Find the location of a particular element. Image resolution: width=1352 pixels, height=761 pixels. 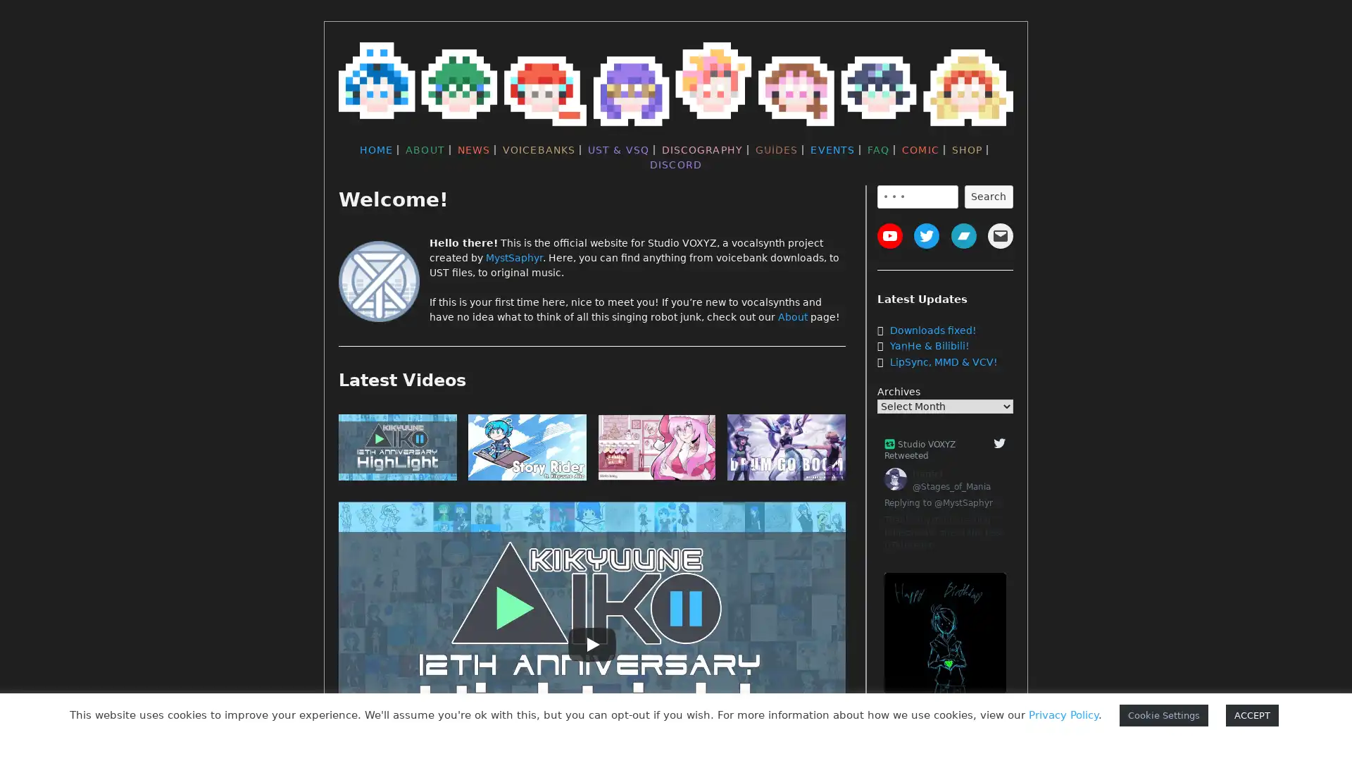

Search is located at coordinates (987, 196).